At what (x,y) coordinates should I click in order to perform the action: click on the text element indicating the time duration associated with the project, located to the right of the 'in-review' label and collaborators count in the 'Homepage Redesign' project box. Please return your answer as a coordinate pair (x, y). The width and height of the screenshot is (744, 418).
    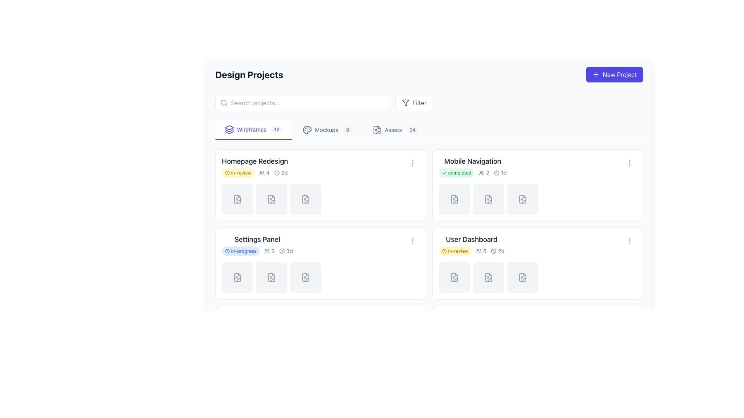
    Looking at the image, I should click on (281, 173).